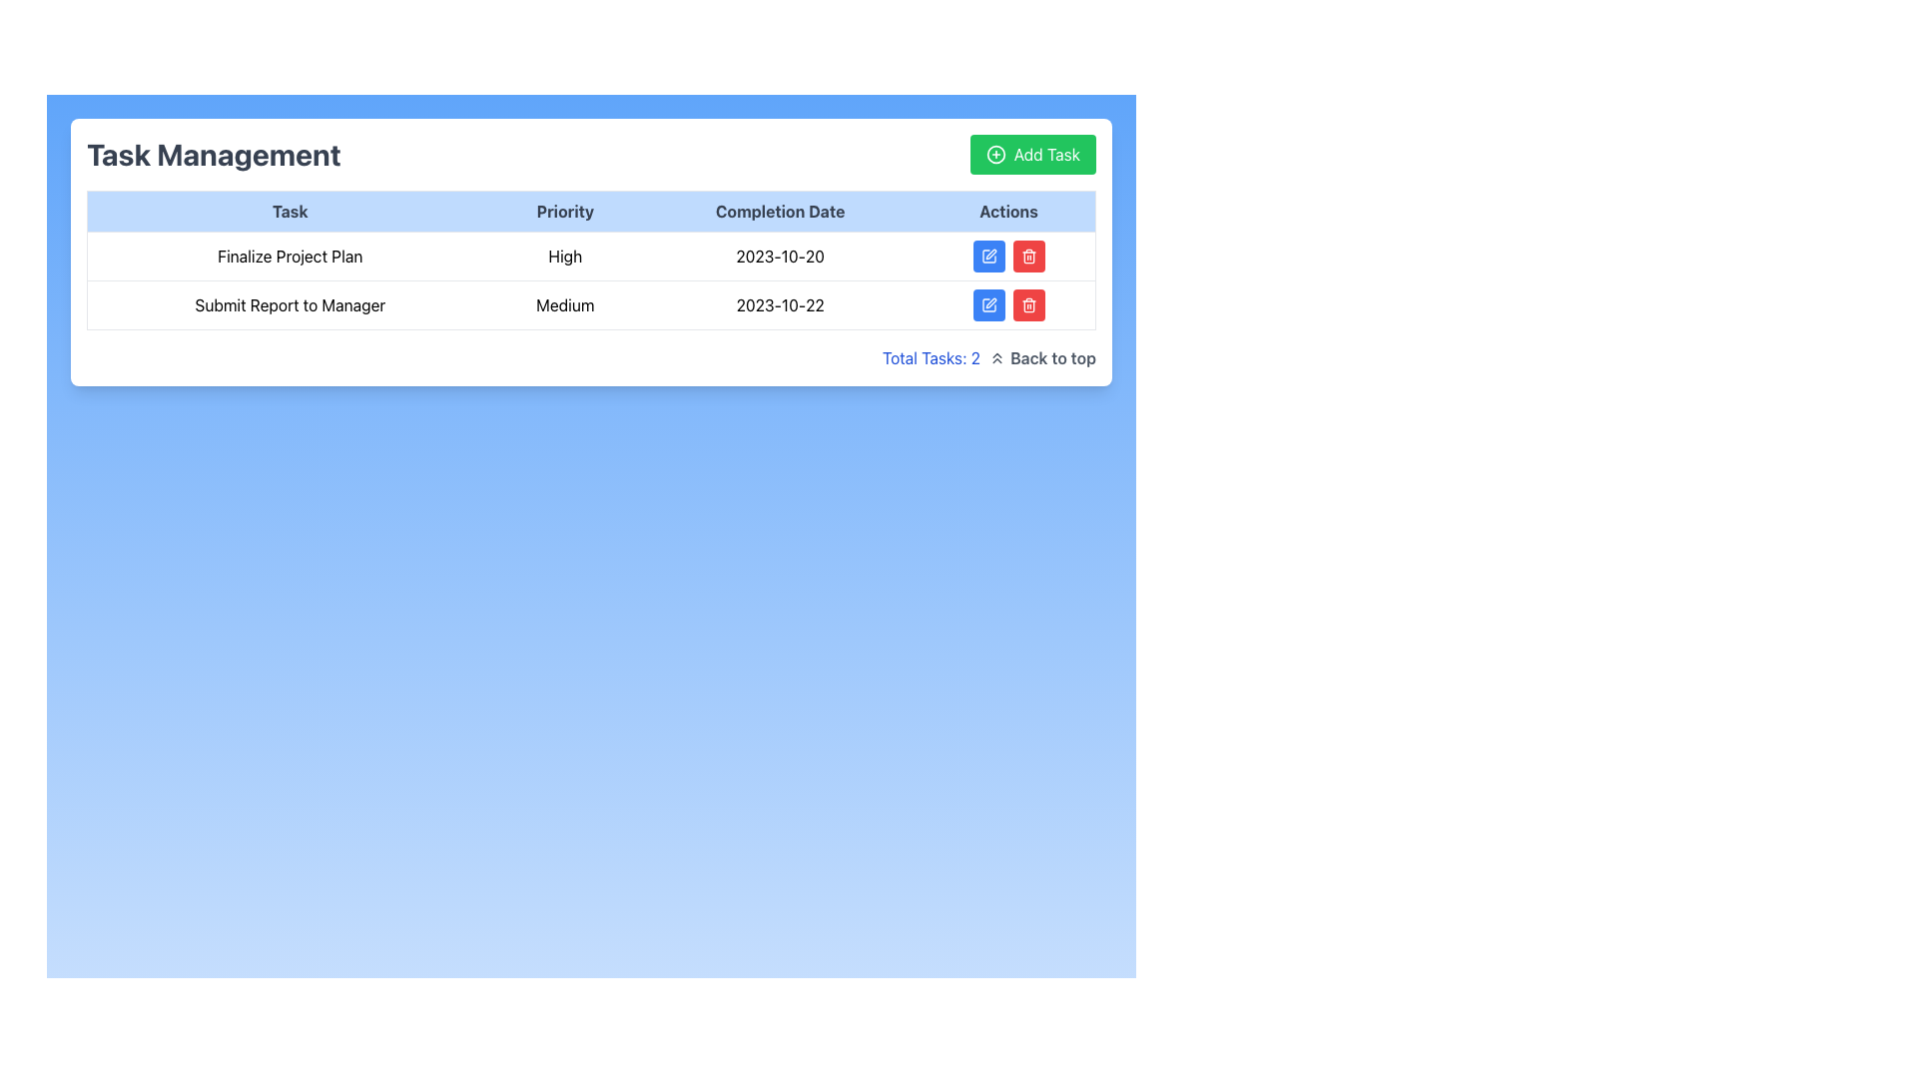 The width and height of the screenshot is (1917, 1078). What do you see at coordinates (988, 304) in the screenshot?
I see `the Icon button located in the 'Actions' column of the second row in the task table` at bounding box center [988, 304].